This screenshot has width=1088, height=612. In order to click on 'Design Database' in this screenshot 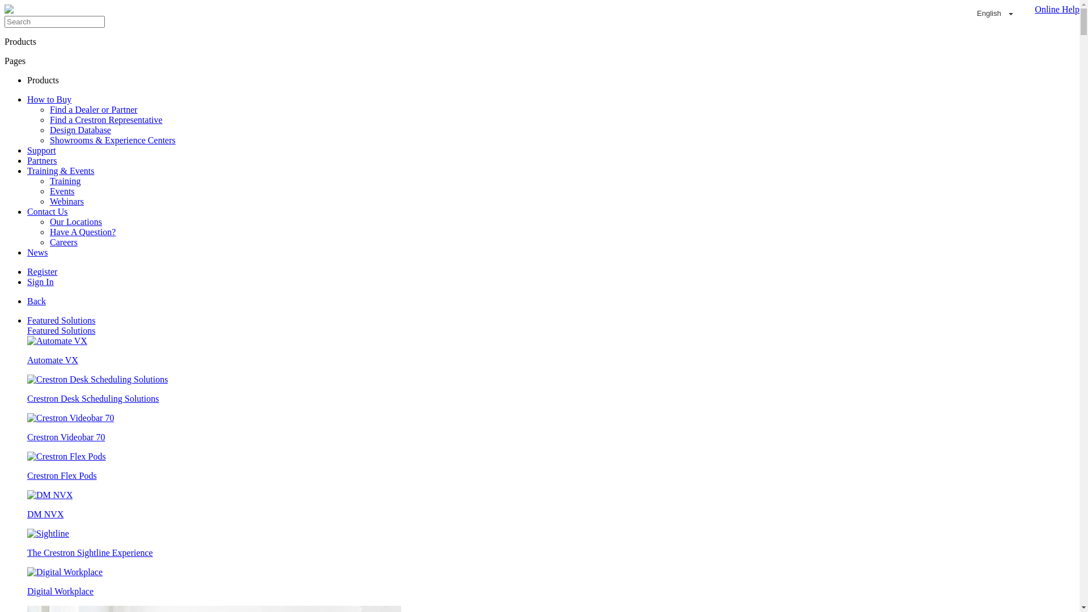, I will do `click(80, 129)`.